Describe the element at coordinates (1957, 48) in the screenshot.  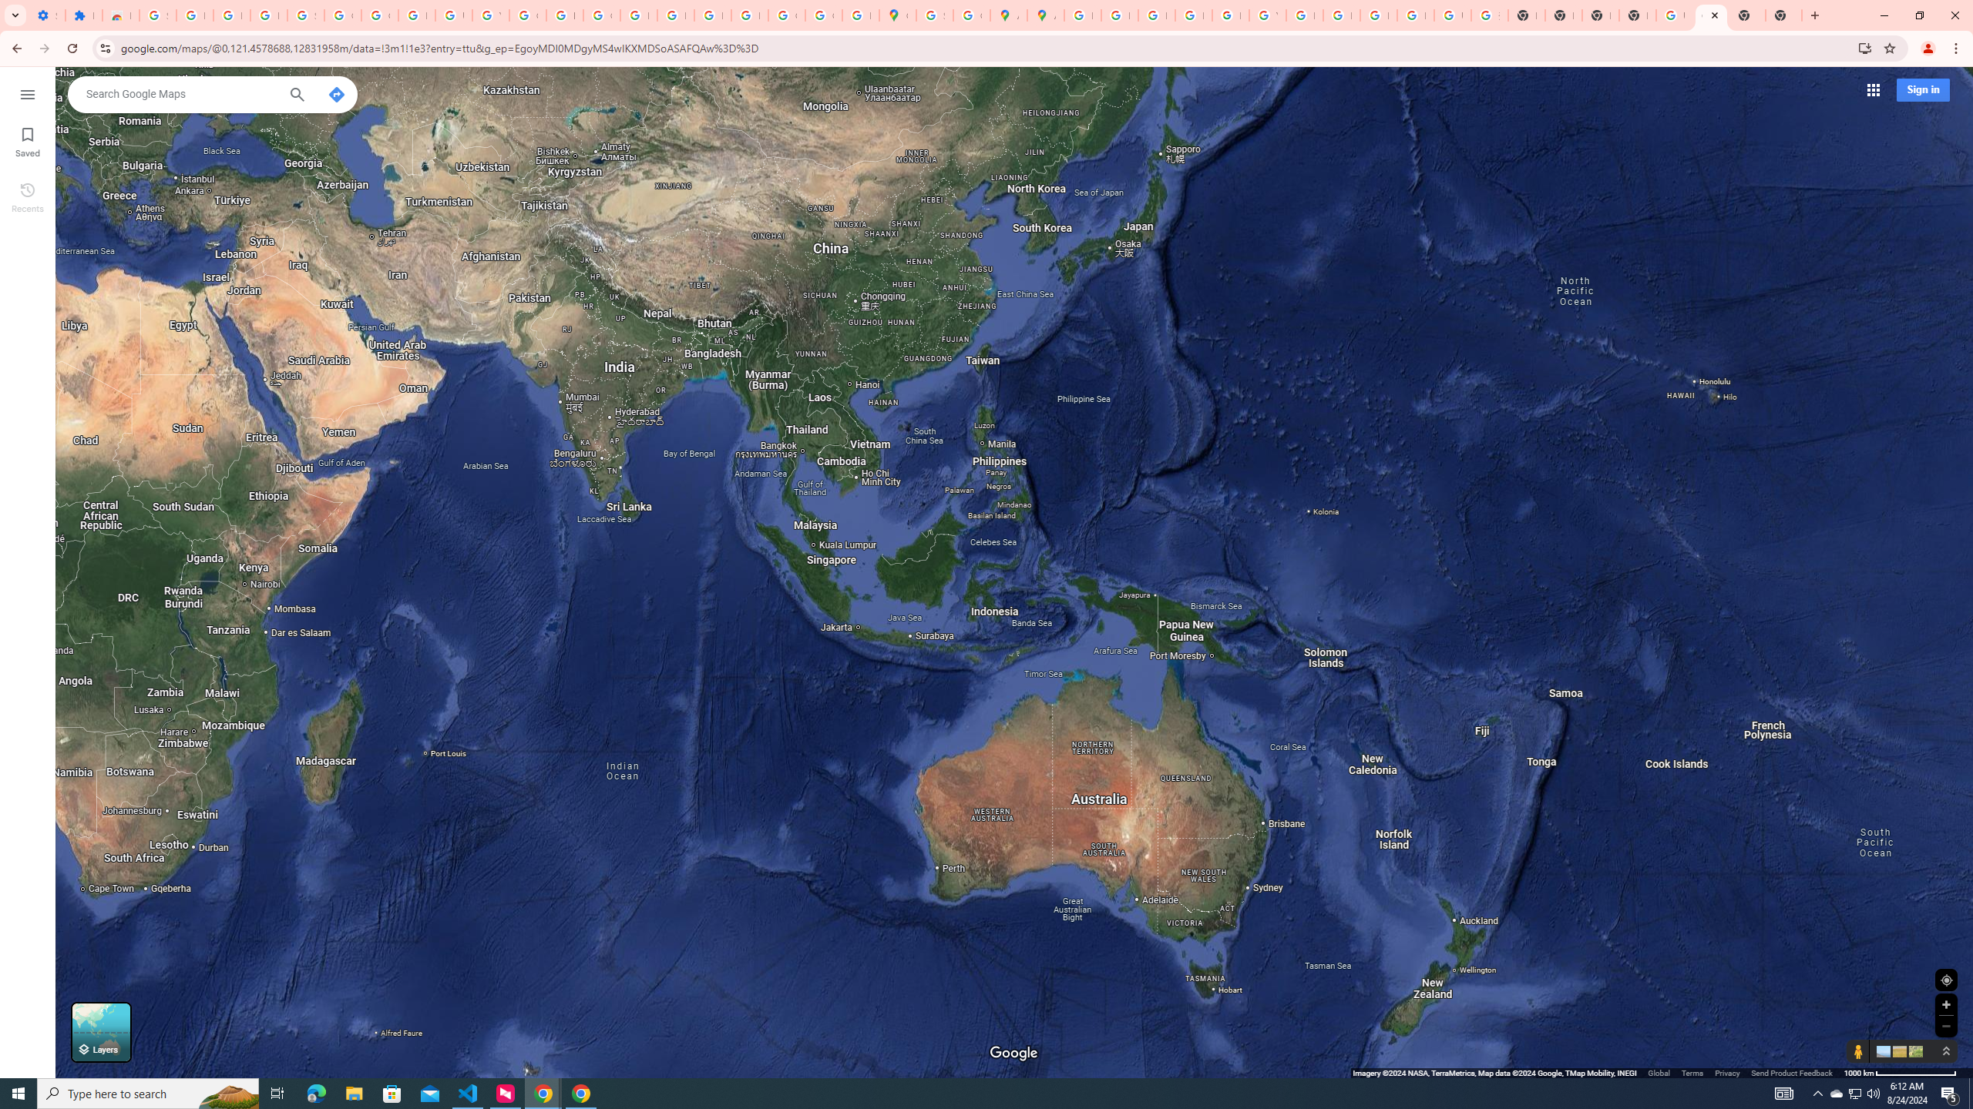
I see `'Chrome'` at that location.